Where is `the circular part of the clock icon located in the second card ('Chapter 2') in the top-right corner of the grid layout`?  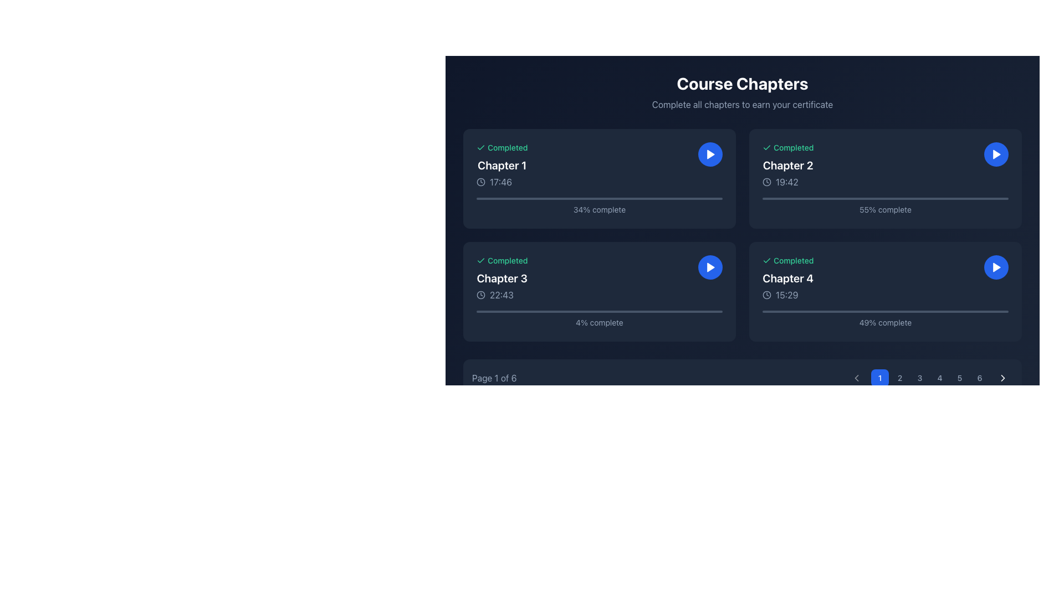 the circular part of the clock icon located in the second card ('Chapter 2') in the top-right corner of the grid layout is located at coordinates (766, 181).